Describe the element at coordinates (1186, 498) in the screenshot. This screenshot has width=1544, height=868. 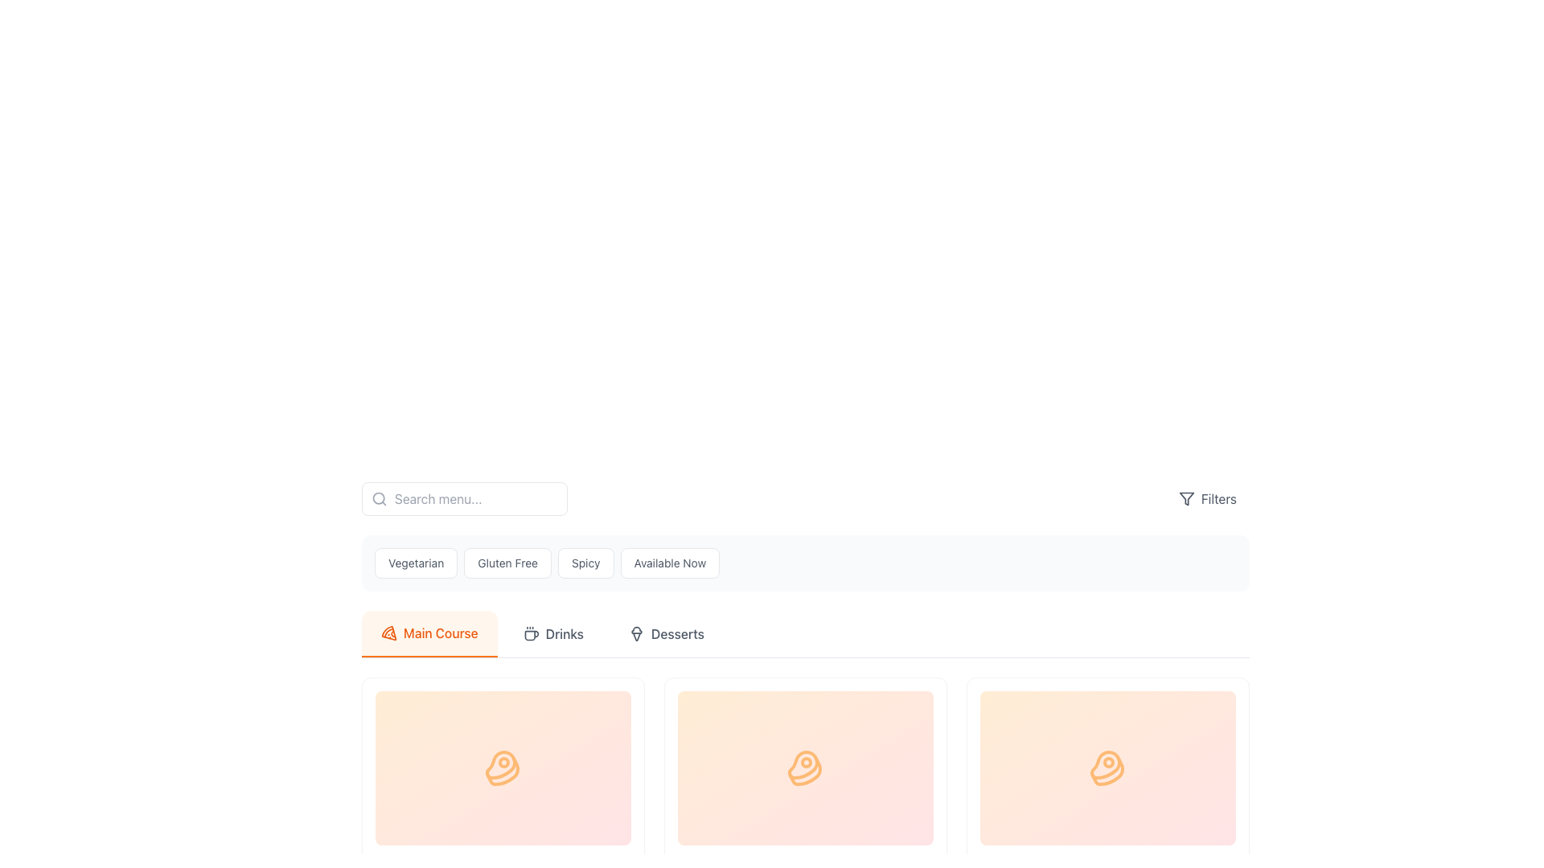
I see `the filter icon located in the top-right section of the interface, aligned with the 'Filters' label` at that location.